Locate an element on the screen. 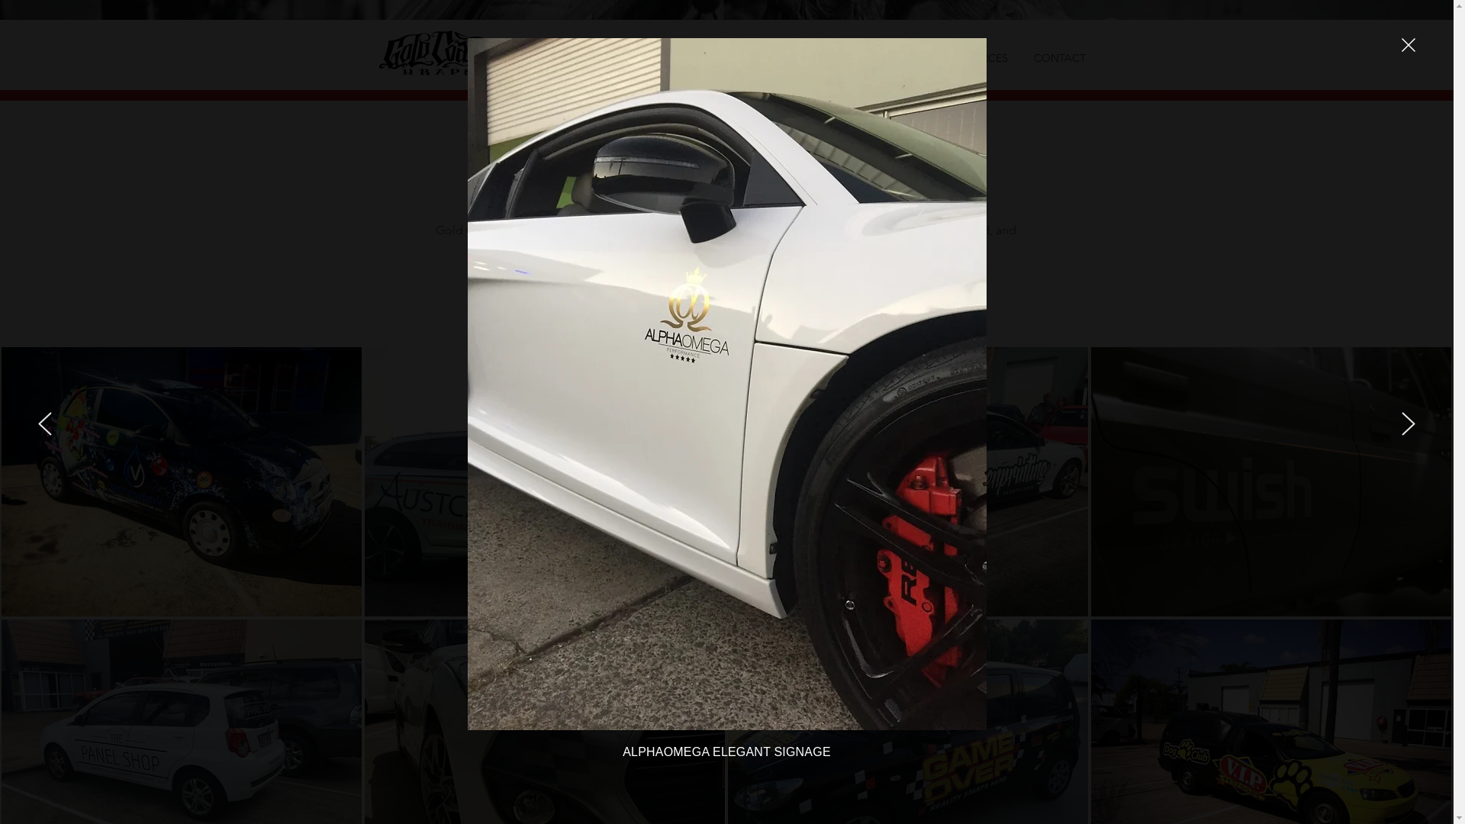 The width and height of the screenshot is (1465, 824). 'COMMERCIAL SERVICES' is located at coordinates (739, 56).